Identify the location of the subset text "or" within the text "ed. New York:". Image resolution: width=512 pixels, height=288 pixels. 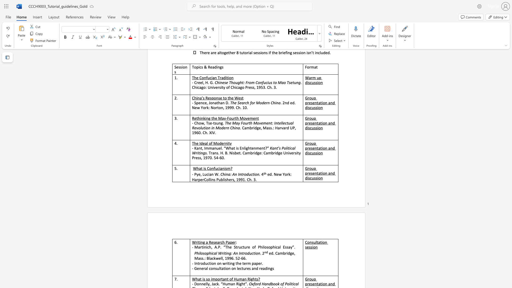
(284, 174).